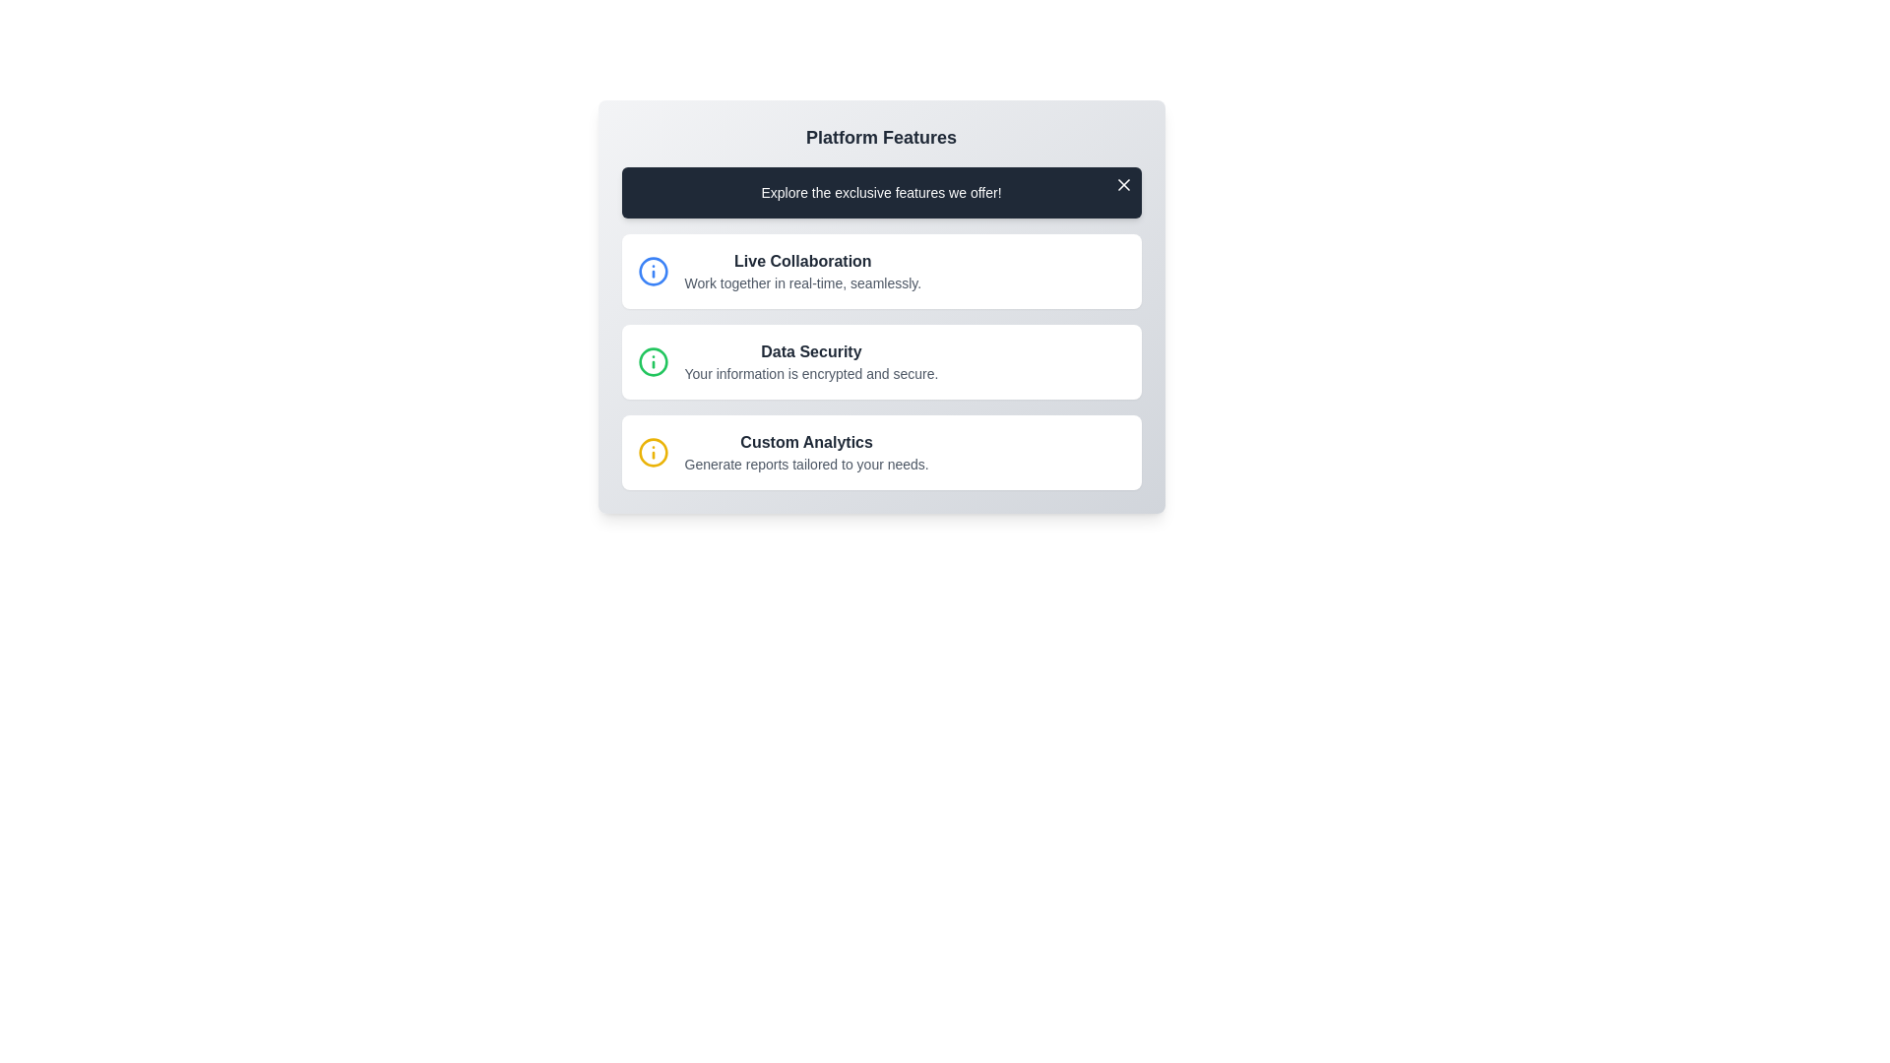 This screenshot has width=1890, height=1063. Describe the element at coordinates (1123, 185) in the screenshot. I see `the close button icon located in the top-right corner of the header section, which dismisses the modal containing the text 'Explore the exclusive features we offer!'` at that location.